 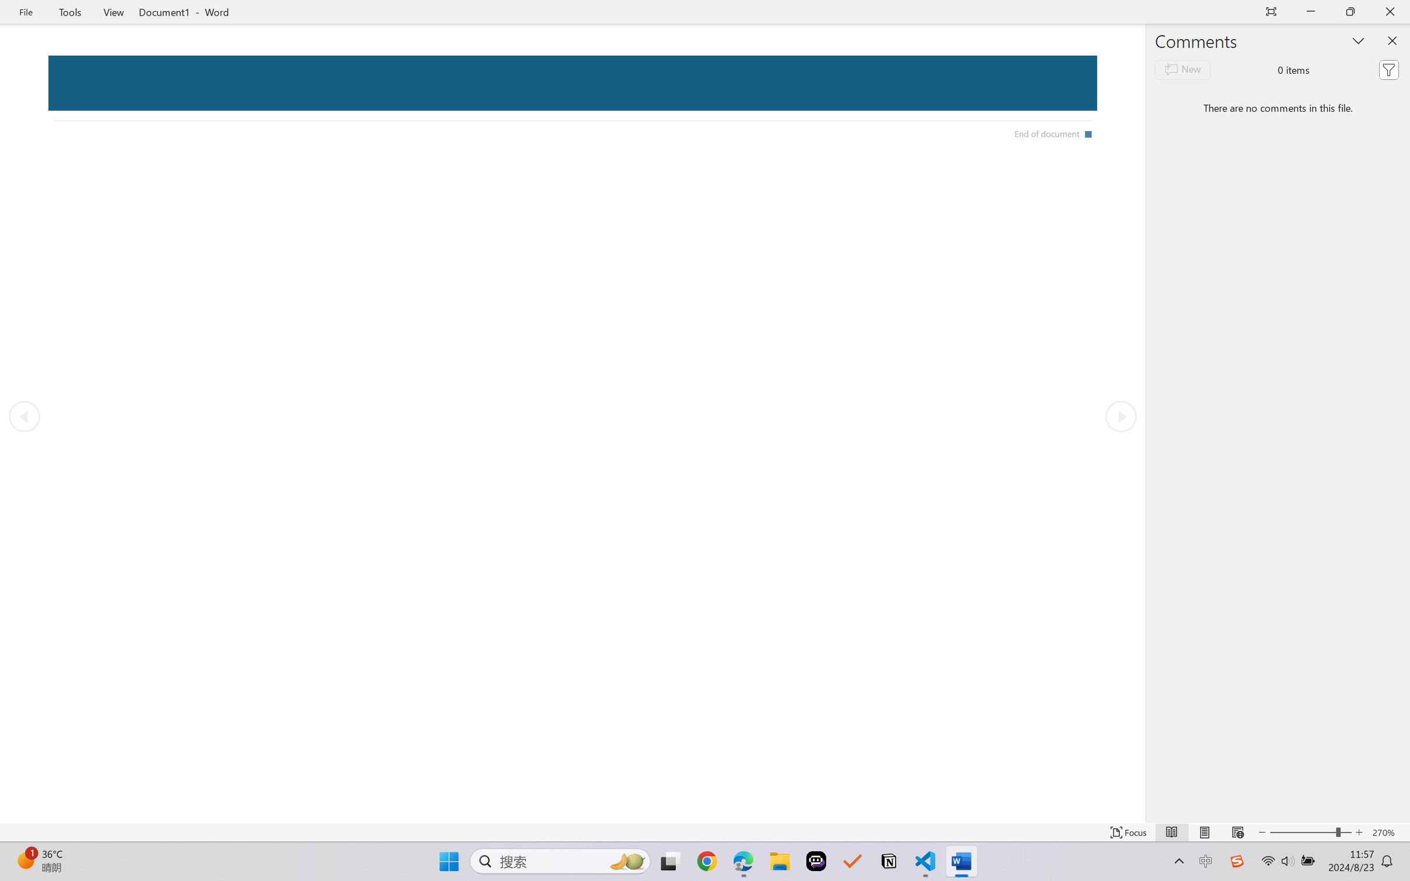 I want to click on 'Decrease Text Size', so click(x=1261, y=832).